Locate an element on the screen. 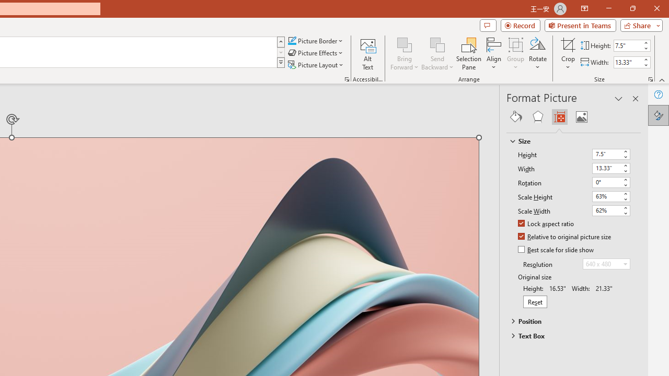 Image resolution: width=669 pixels, height=376 pixels. 'Bring Forward' is located at coordinates (404, 44).